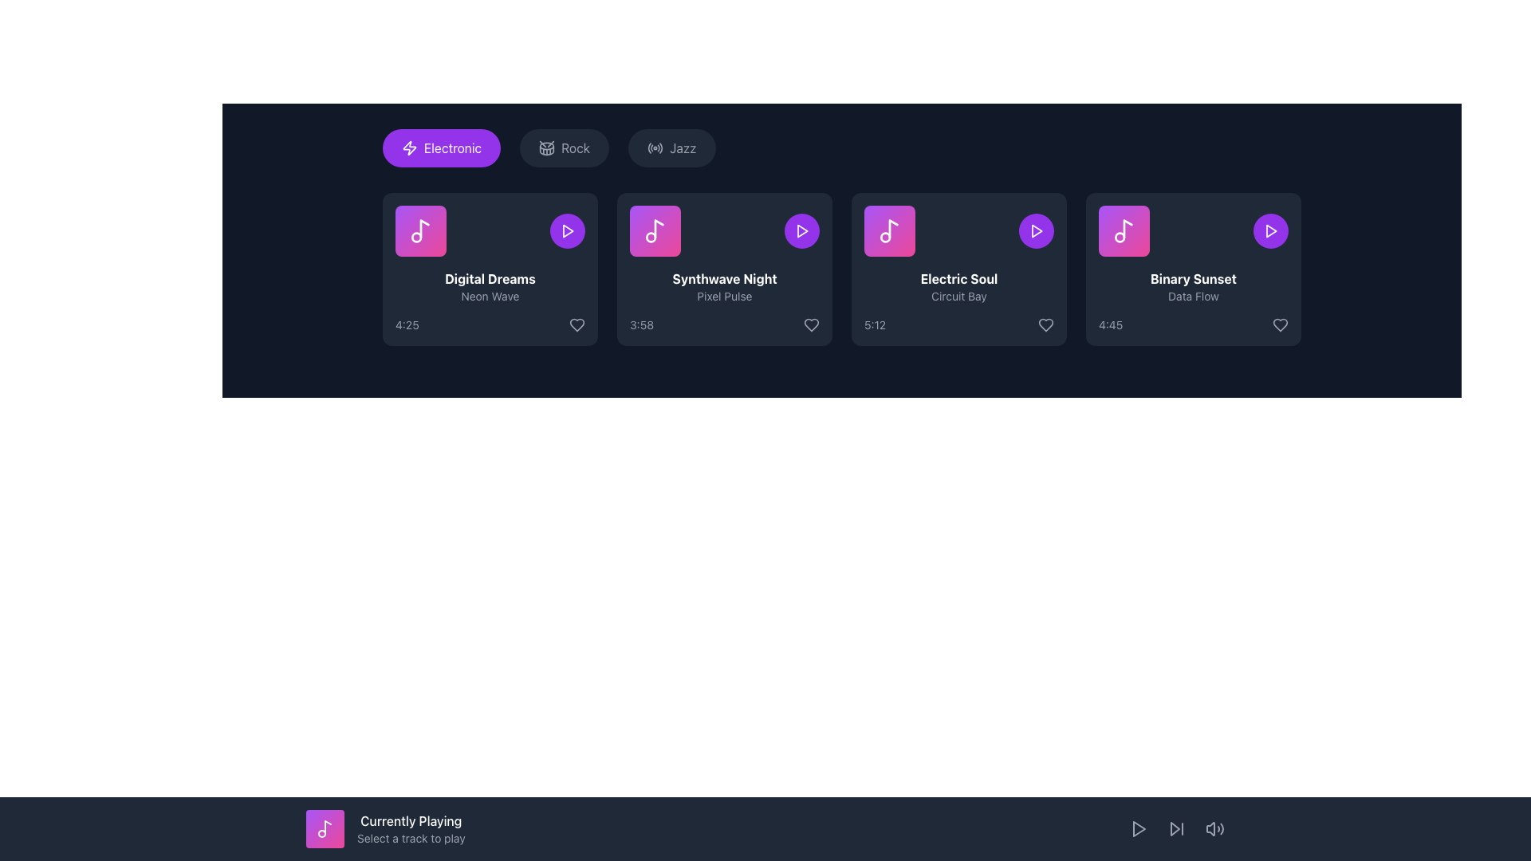 This screenshot has width=1531, height=861. What do you see at coordinates (723, 278) in the screenshot?
I see `the bold white text label reading 'Synthwave Night' within the music selection interface card` at bounding box center [723, 278].